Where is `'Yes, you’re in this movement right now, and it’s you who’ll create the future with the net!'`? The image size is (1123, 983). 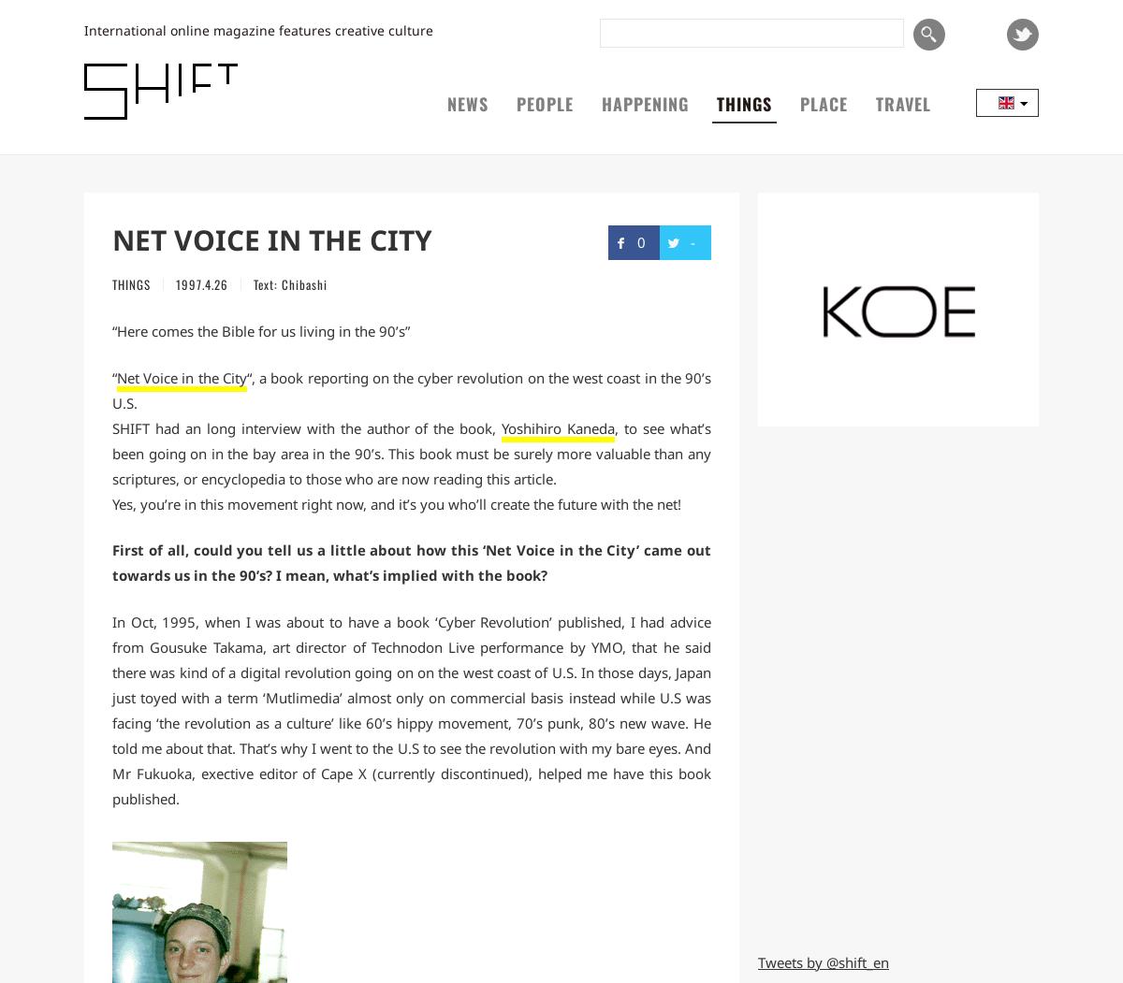
'Yes, you’re in this movement right now, and it’s you who’ll create the future with the net!' is located at coordinates (396, 502).